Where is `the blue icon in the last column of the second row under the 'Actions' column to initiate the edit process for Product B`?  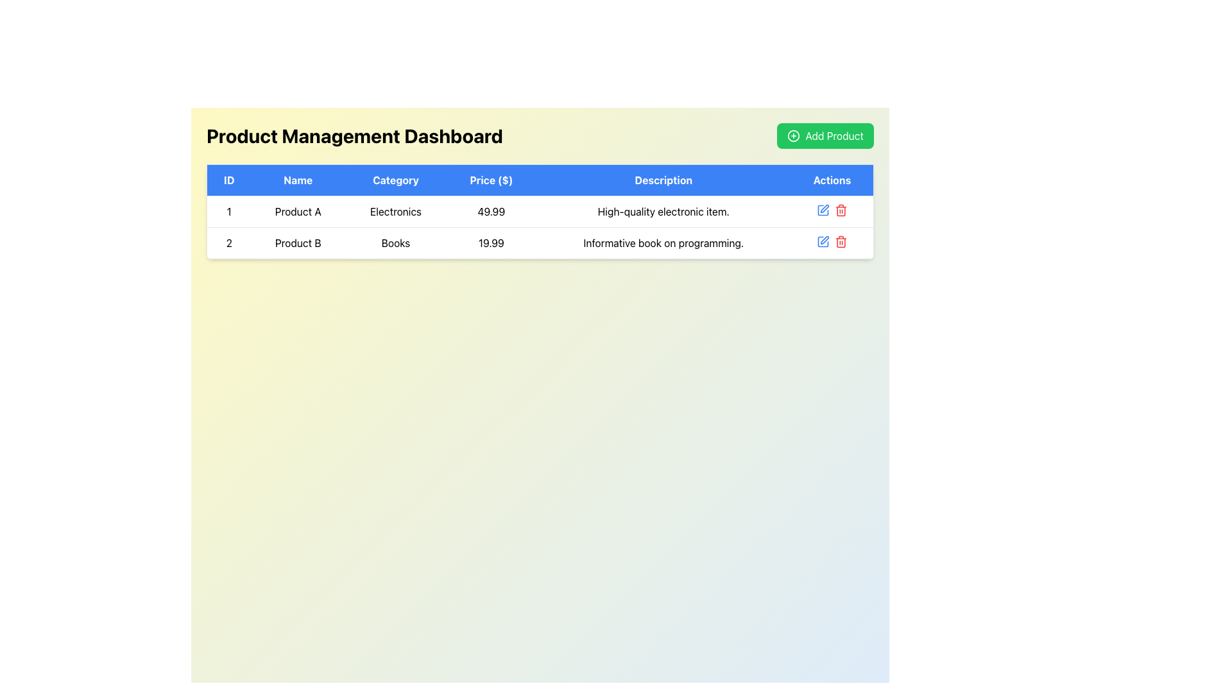 the blue icon in the last column of the second row under the 'Actions' column to initiate the edit process for Product B is located at coordinates (832, 242).